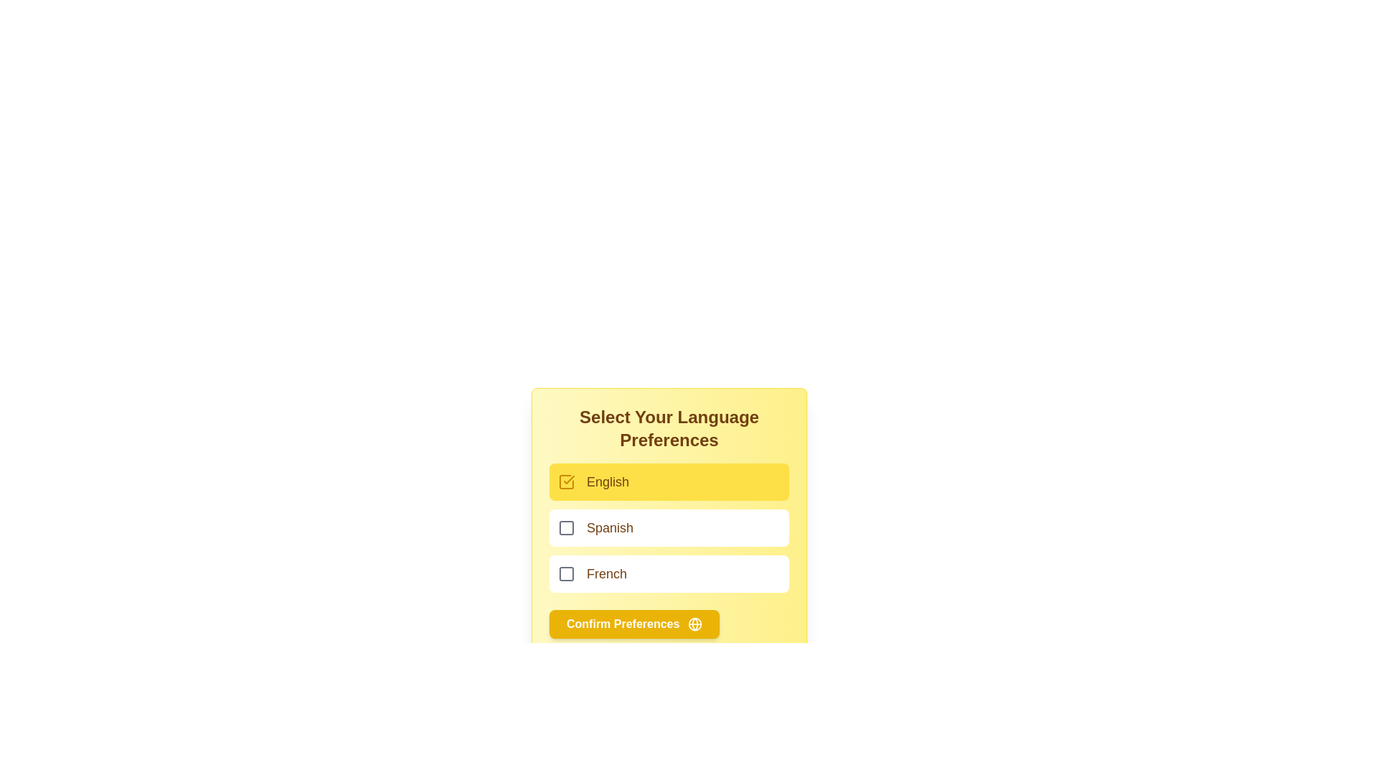 Image resolution: width=1379 pixels, height=776 pixels. I want to click on the button for selecting the English language, which is the first option in a vertically stacked list of language buttons, so click(668, 482).